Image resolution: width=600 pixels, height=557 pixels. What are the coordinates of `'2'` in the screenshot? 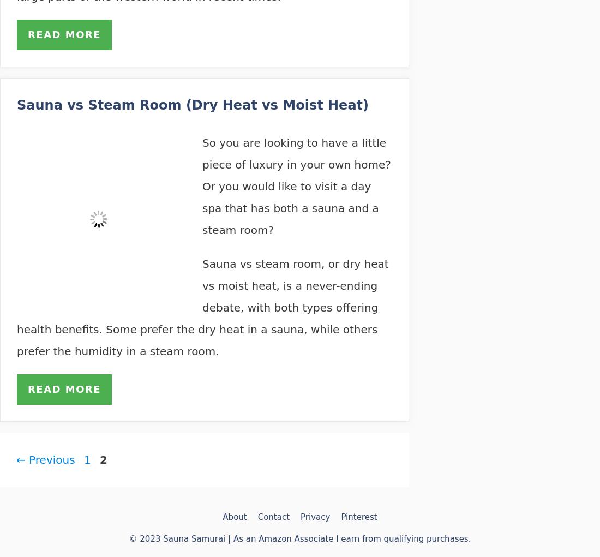 It's located at (103, 460).